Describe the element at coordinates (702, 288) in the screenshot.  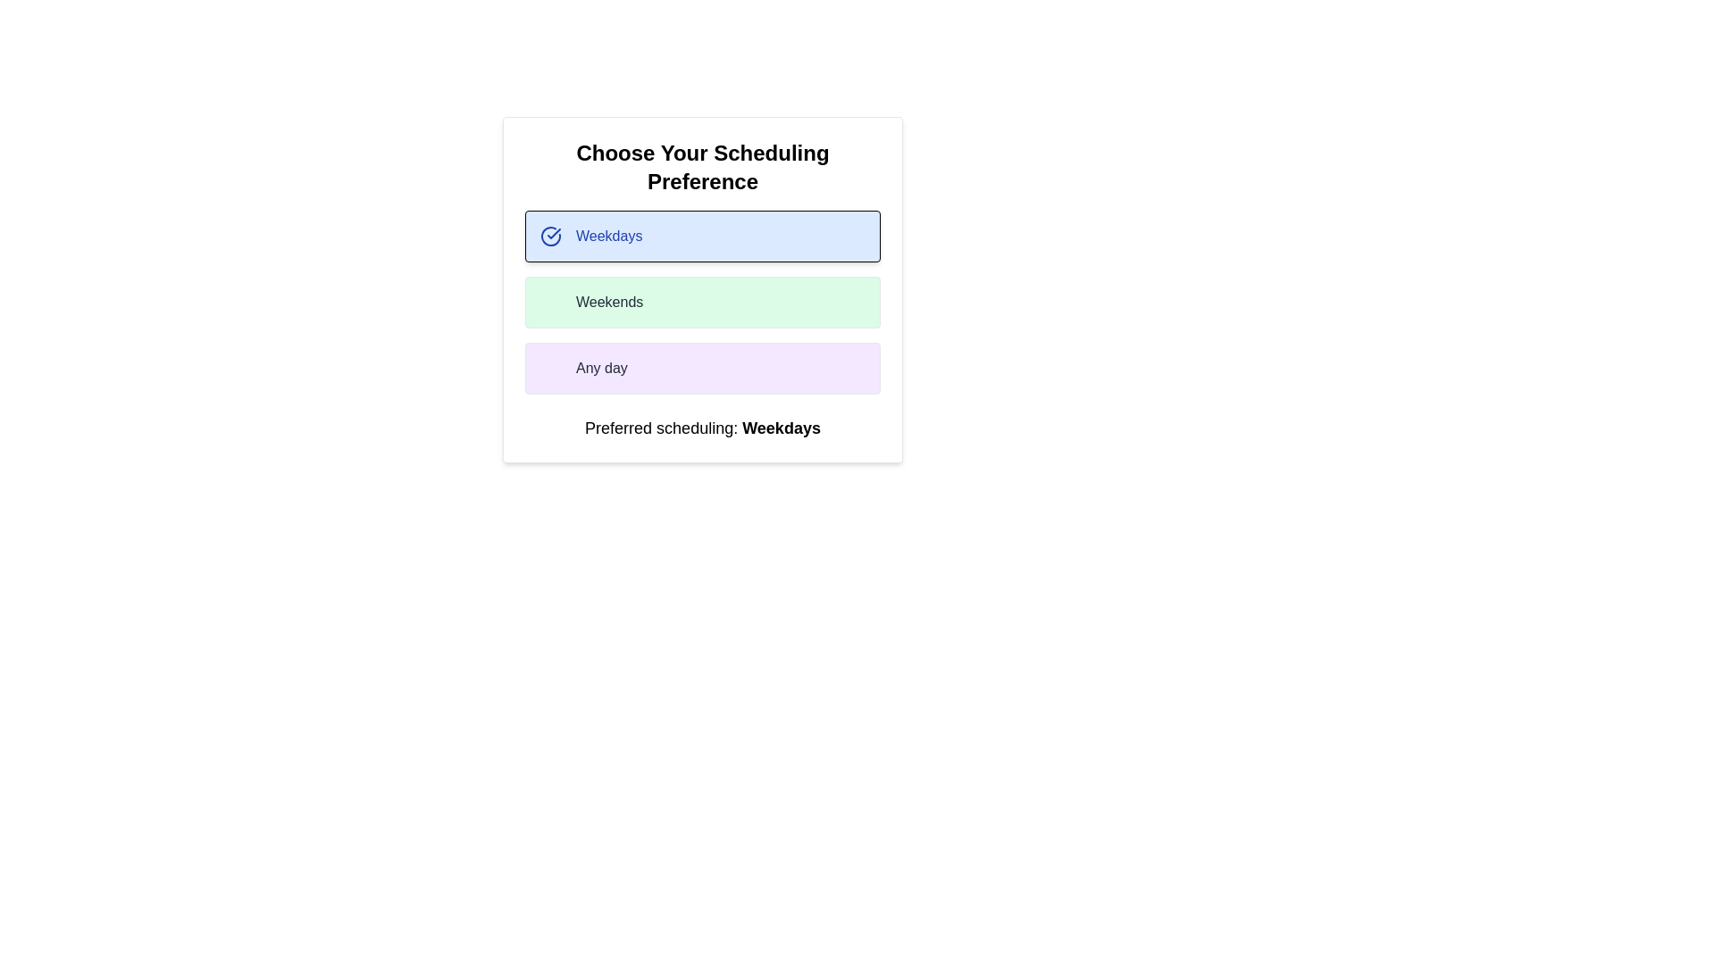
I see `the 'Weekends' scheduling option button to visually highlight it` at that location.